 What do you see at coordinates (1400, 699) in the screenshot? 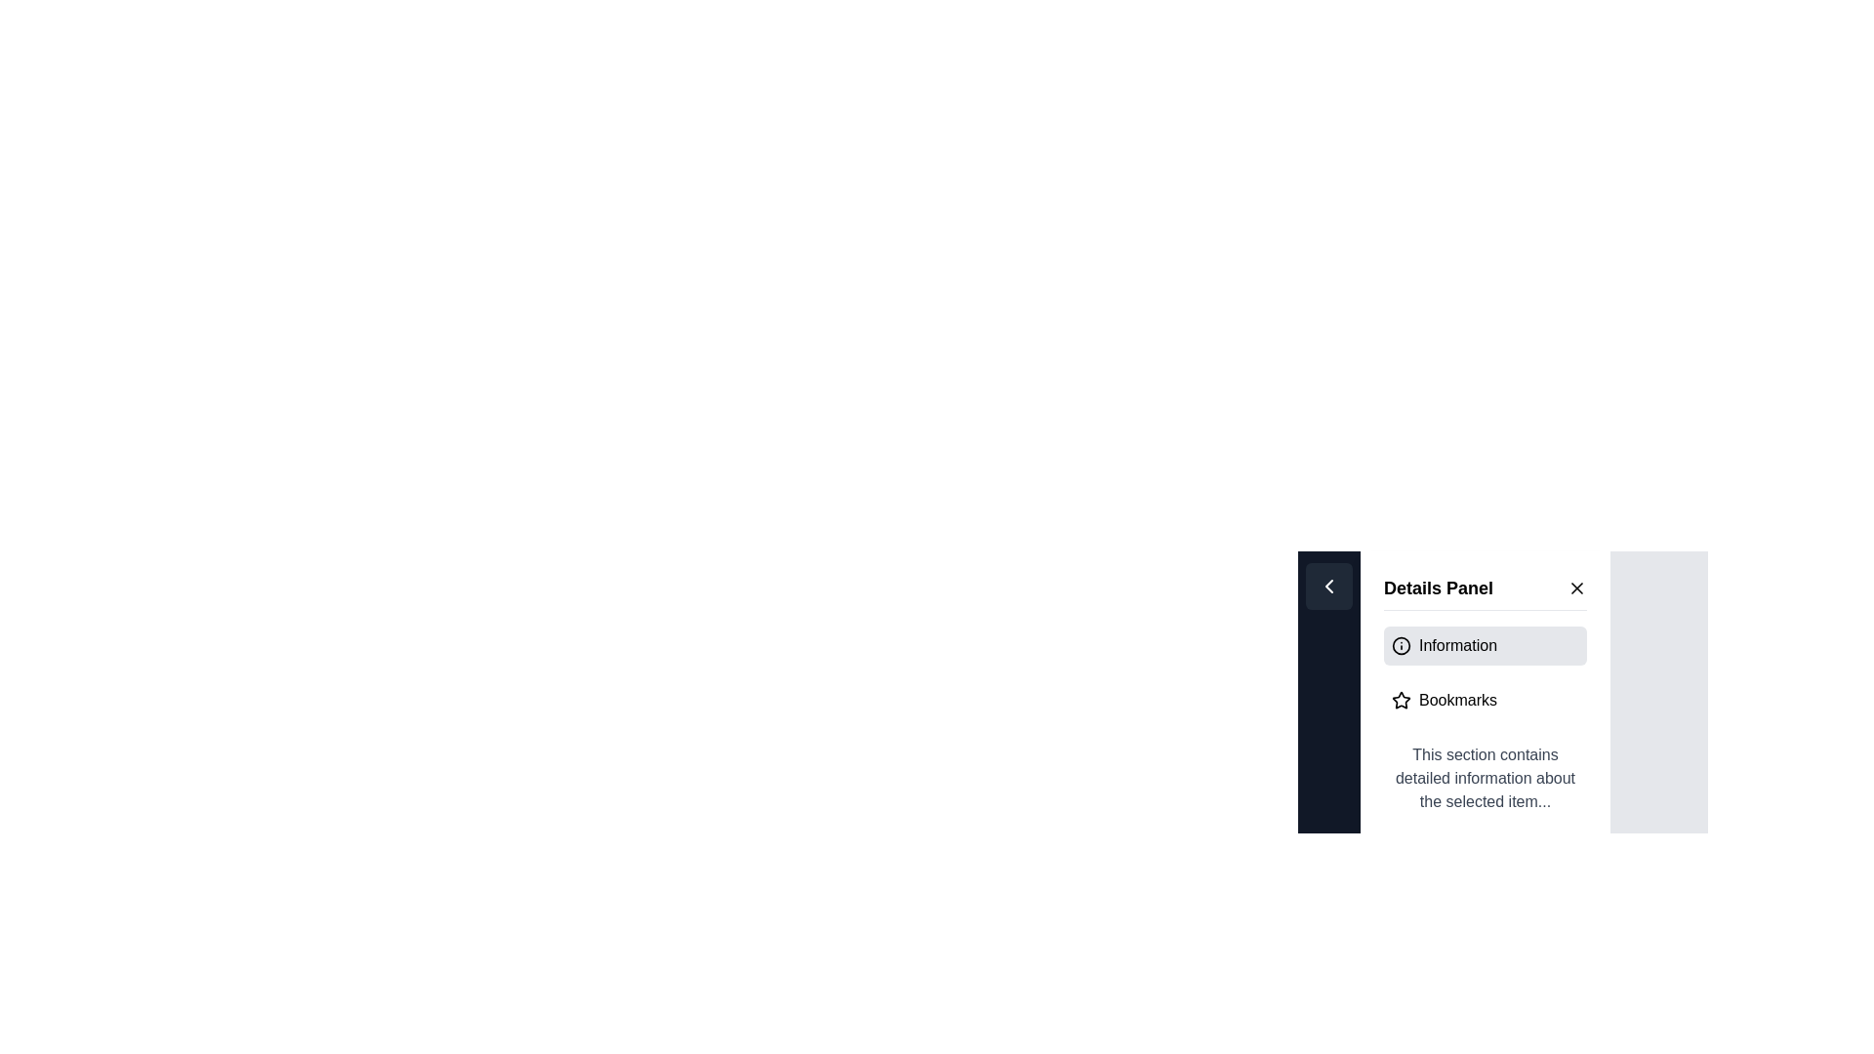
I see `the decorative star icon representing the 'Bookmarks' section located to the left of the 'Bookmarks' button in the 'Details Panel'` at bounding box center [1400, 699].